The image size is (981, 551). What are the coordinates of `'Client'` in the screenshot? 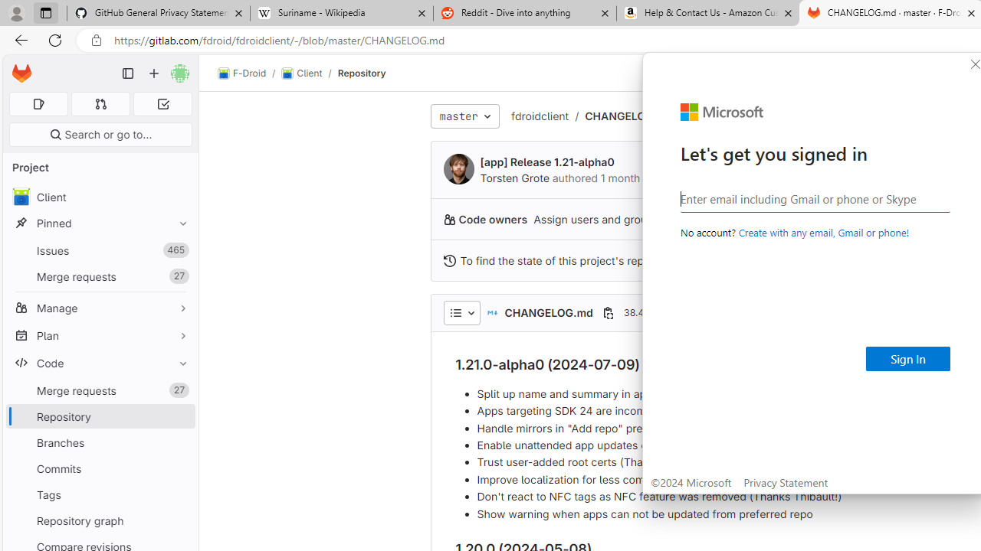 It's located at (302, 73).